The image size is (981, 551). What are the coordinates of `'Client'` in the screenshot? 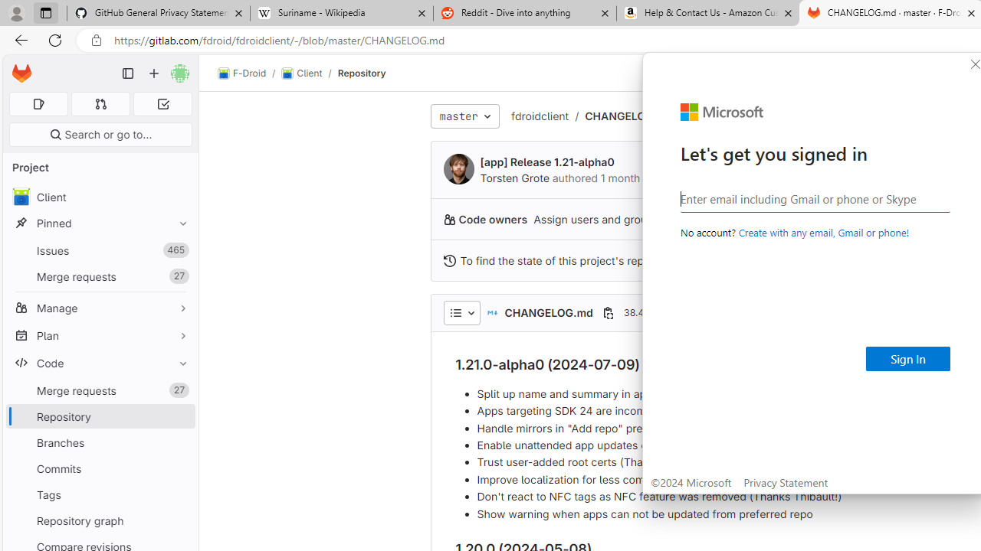 It's located at (302, 73).